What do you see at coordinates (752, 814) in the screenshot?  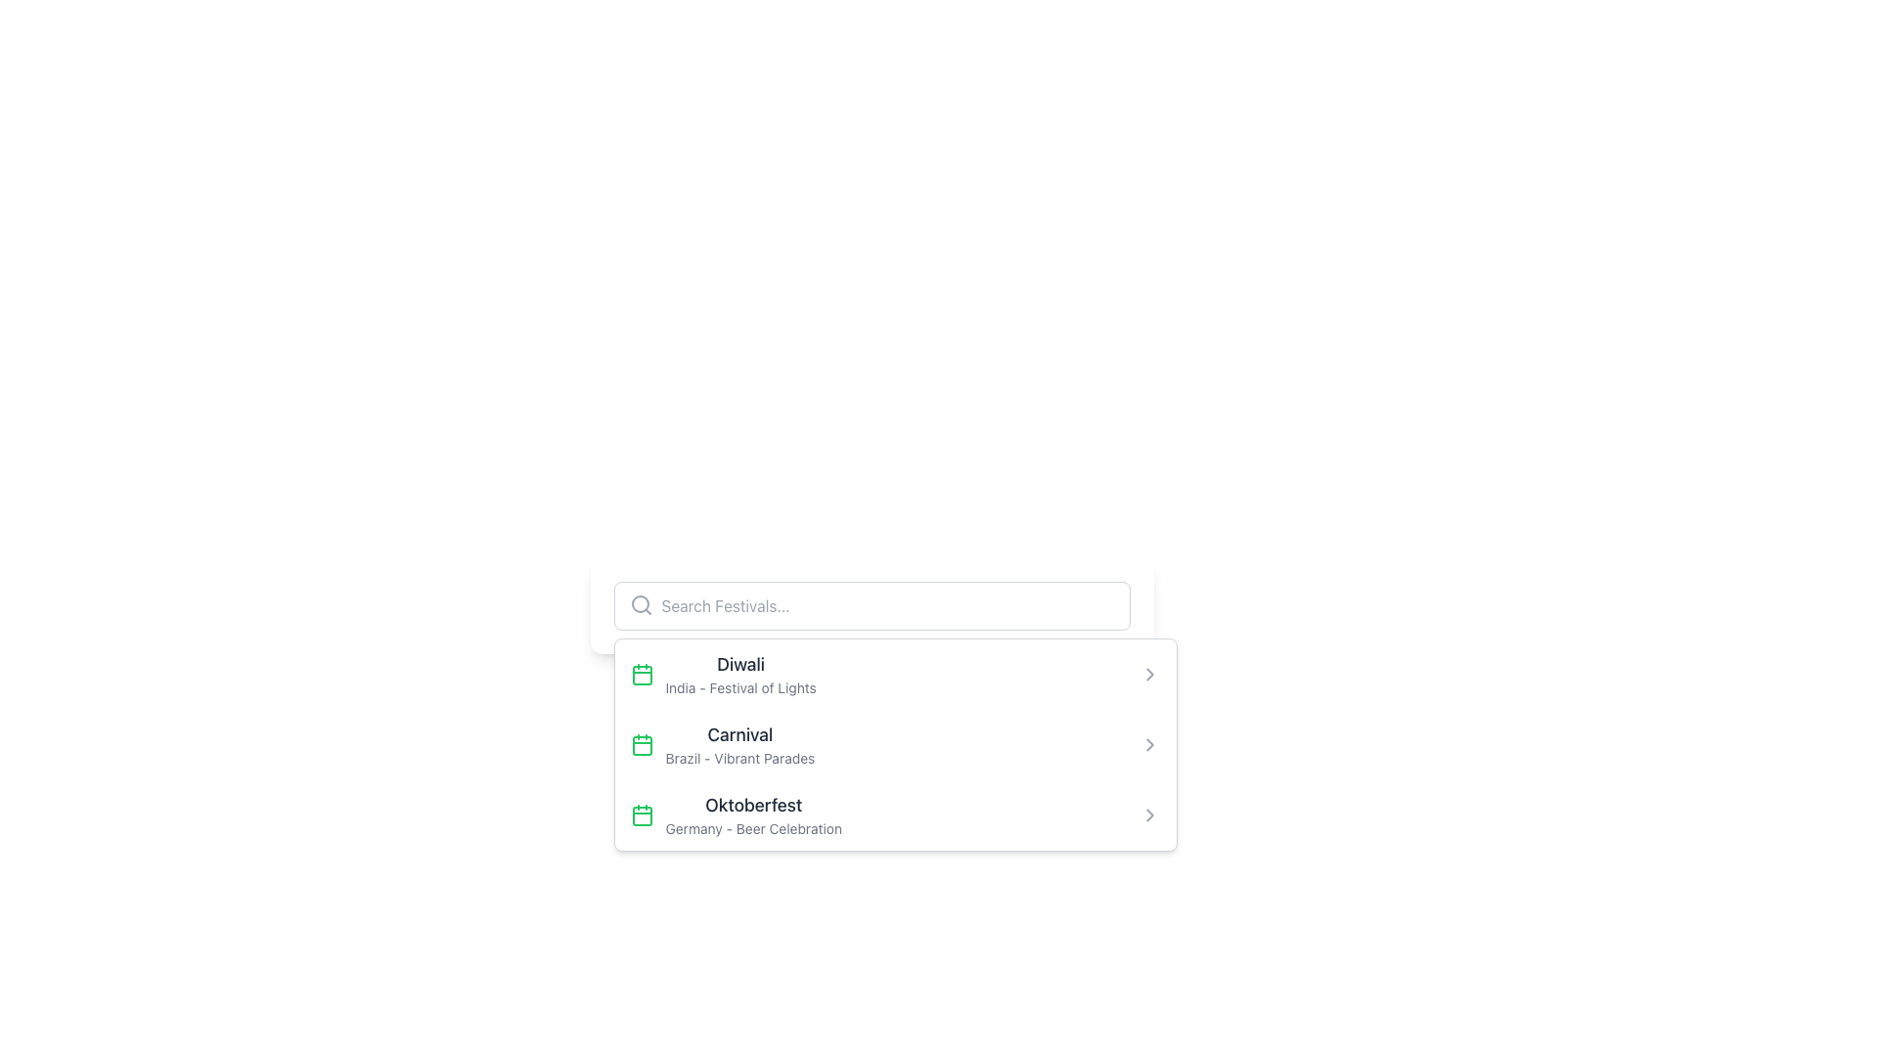 I see `the list item displaying 'Oktoberfest' in a pop-up menu` at bounding box center [752, 814].